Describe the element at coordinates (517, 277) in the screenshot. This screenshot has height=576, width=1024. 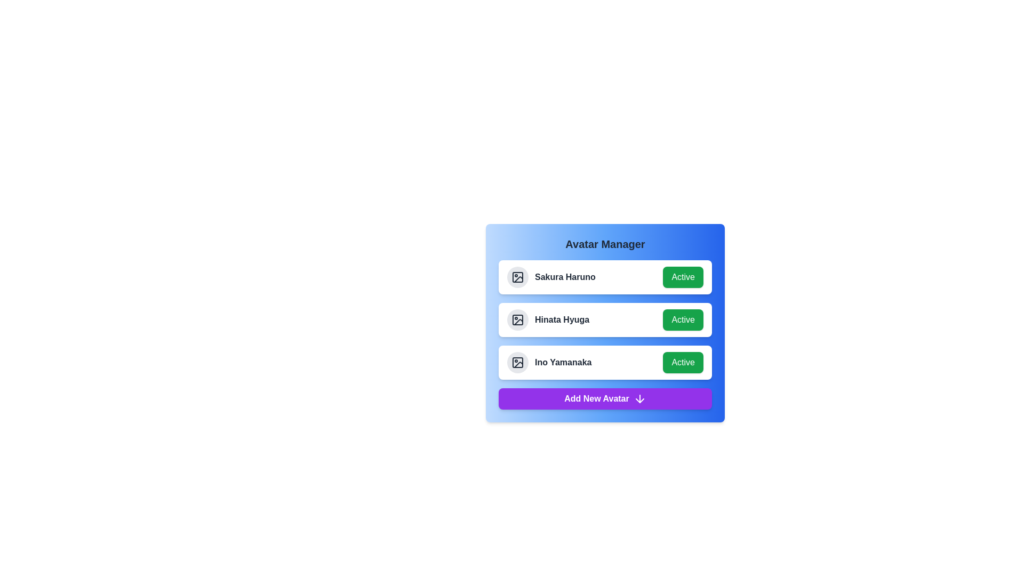
I see `the icon or avatar placeholder located to the left of the text 'Sakura Haruno' in the first row of the avatar manager list` at that location.